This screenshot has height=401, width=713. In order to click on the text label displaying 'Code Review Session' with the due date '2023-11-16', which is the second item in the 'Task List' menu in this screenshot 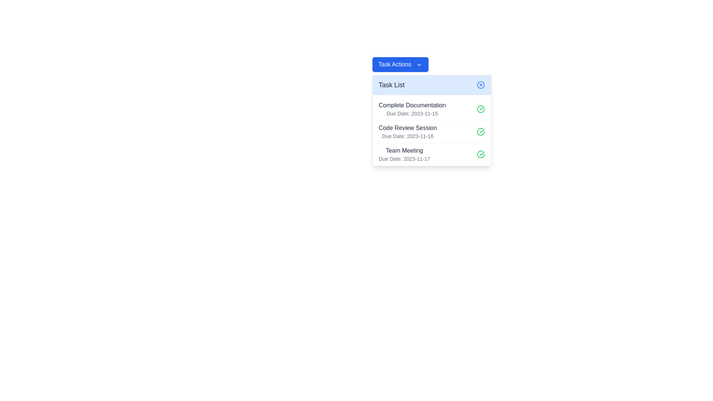, I will do `click(407, 131)`.